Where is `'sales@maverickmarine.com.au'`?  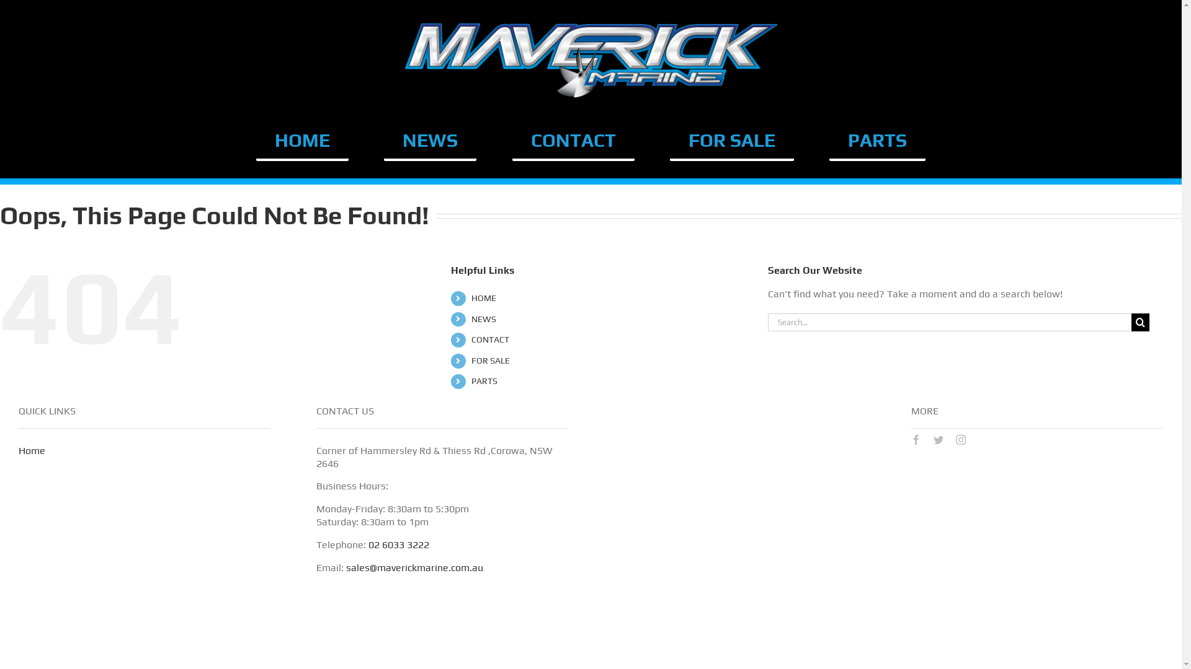 'sales@maverickmarine.com.au' is located at coordinates (414, 567).